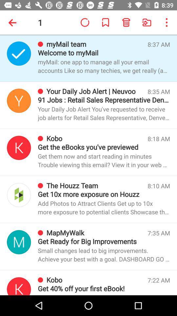 This screenshot has height=316, width=177. I want to click on open kobo message, so click(19, 286).